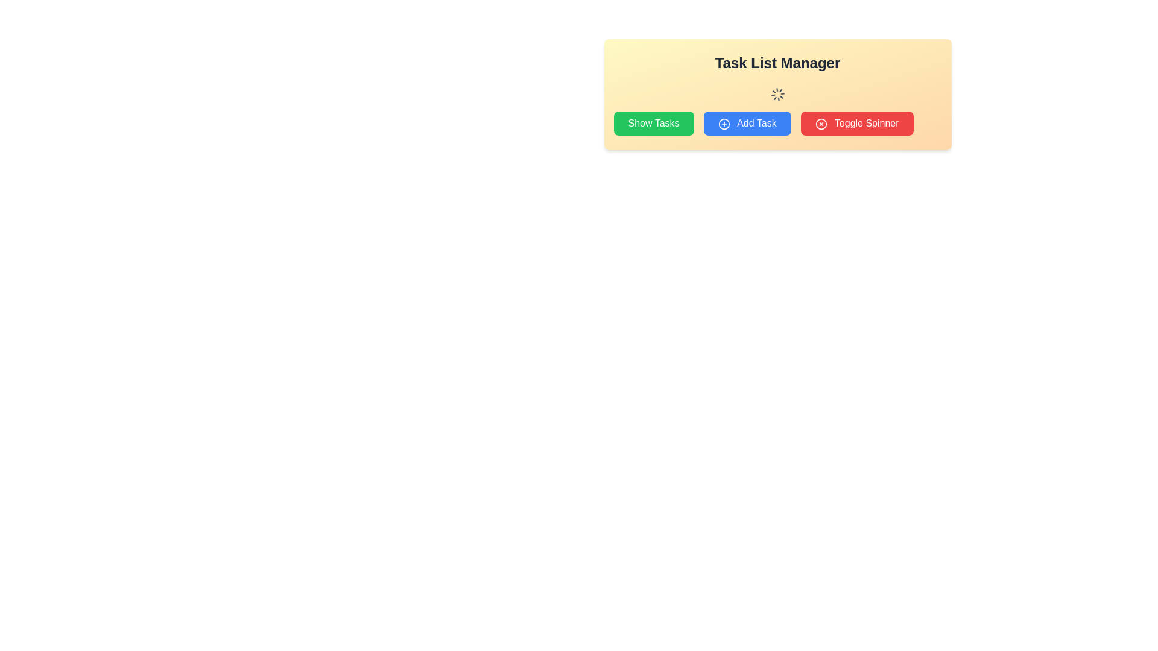  Describe the element at coordinates (777, 123) in the screenshot. I see `the rectangular blue button labeled 'Add Task' which has a plus sign icon` at that location.